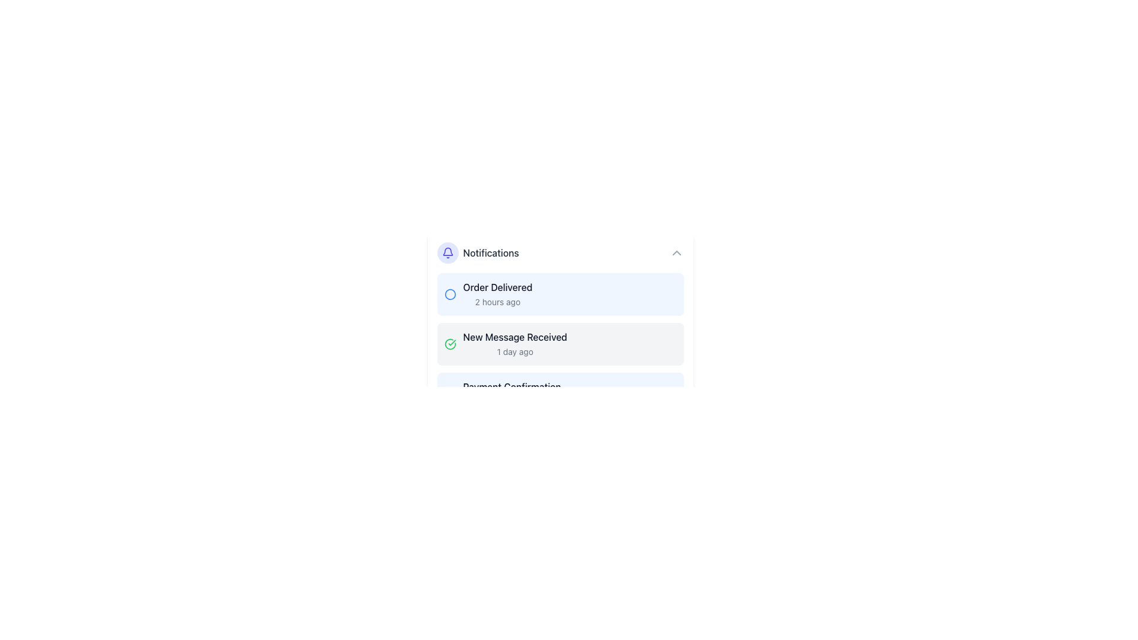  Describe the element at coordinates (497, 301) in the screenshot. I see `timestamp displayed as '2 hours ago' in a small-sized, gray-styled font located beneath the 'Order Delivered' text in the notification block` at that location.